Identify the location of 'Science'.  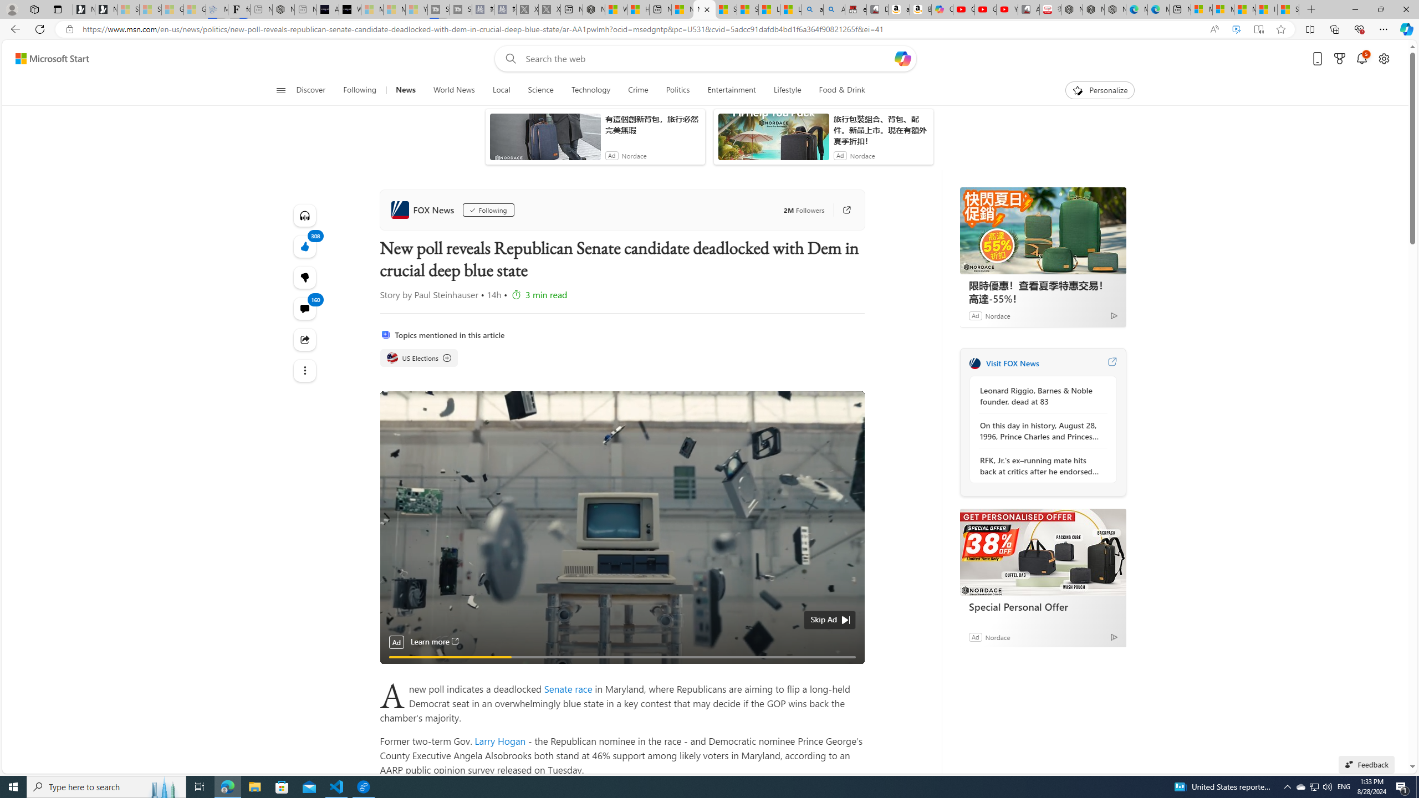
(540, 90).